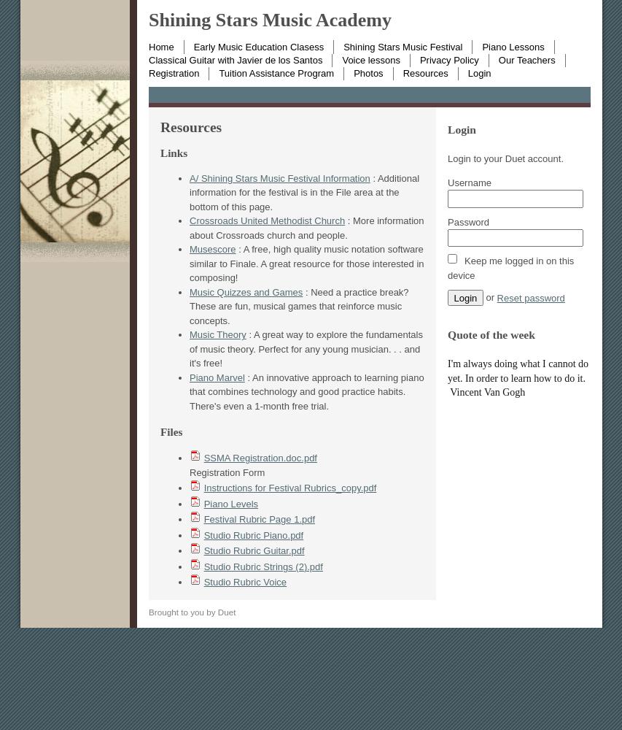  What do you see at coordinates (481, 45) in the screenshot?
I see `'Piano Lessons'` at bounding box center [481, 45].